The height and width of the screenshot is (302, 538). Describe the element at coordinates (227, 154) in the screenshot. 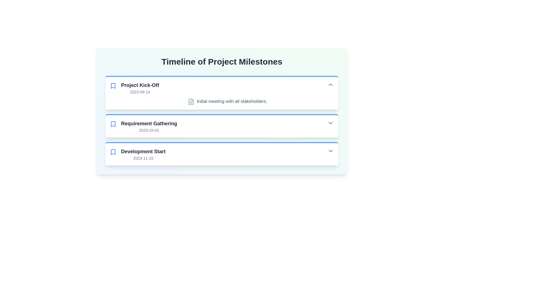

I see `the third milestone item in the 'Timeline of Project Milestones' representing 'Development Start'` at that location.